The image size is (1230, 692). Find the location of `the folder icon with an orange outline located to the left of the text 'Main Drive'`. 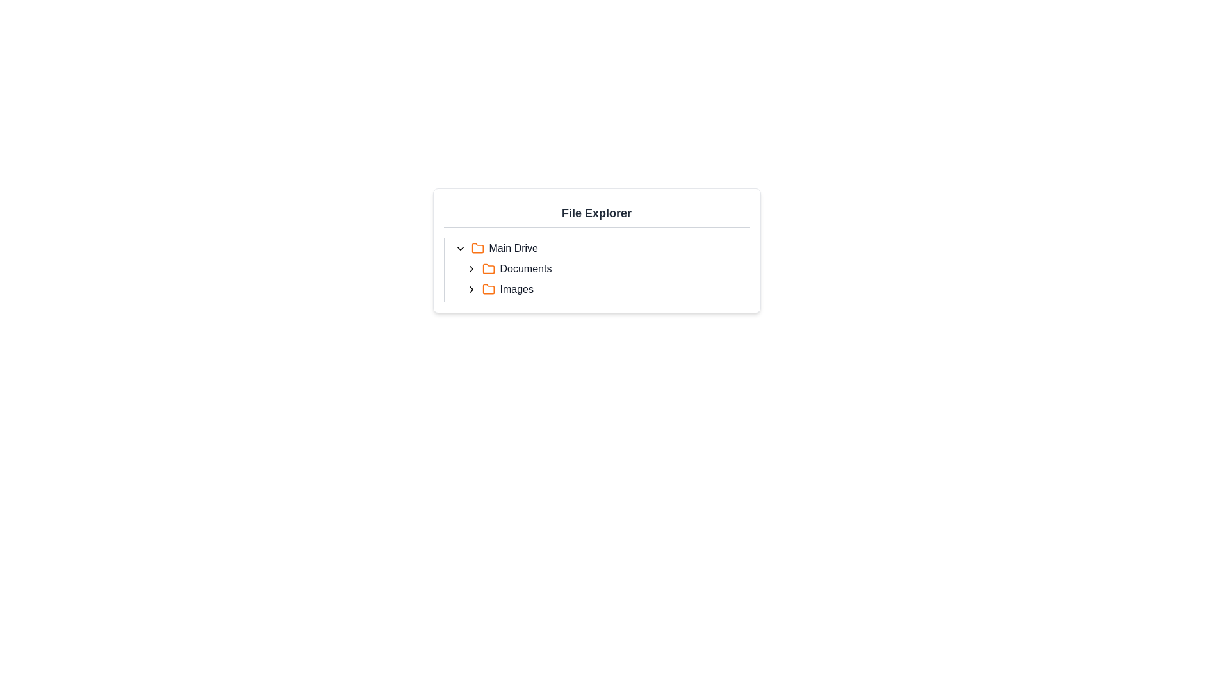

the folder icon with an orange outline located to the left of the text 'Main Drive' is located at coordinates (477, 249).